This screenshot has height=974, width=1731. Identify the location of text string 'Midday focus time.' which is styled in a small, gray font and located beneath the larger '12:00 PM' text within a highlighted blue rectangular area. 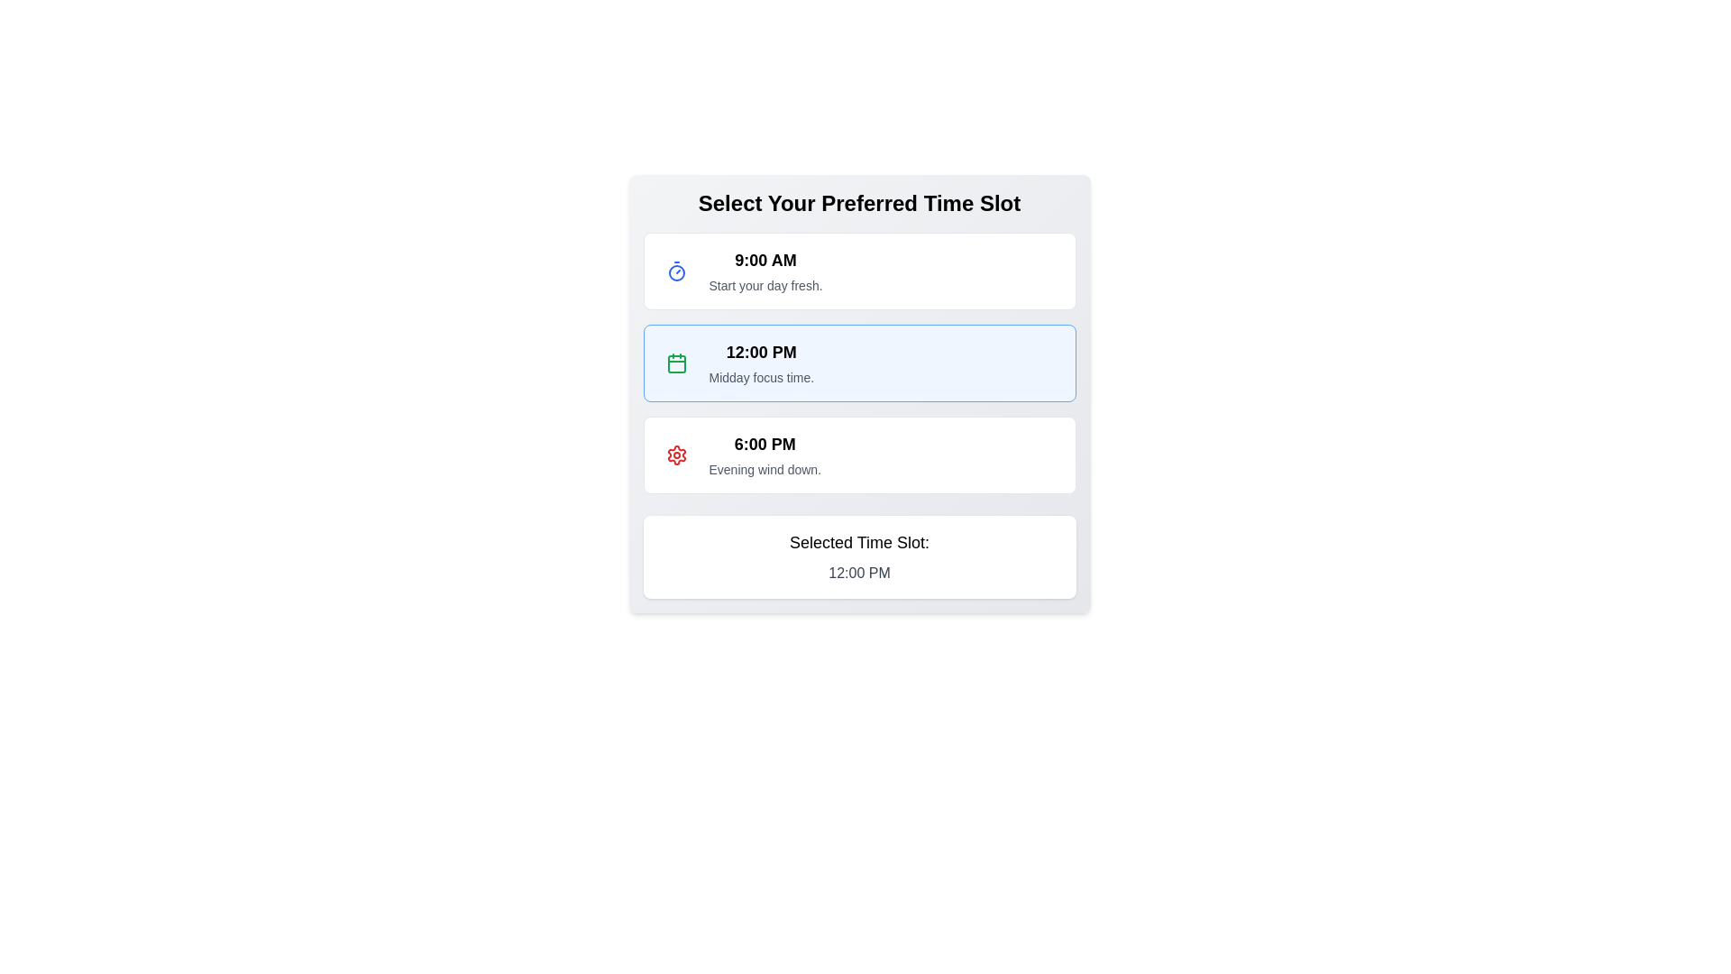
(761, 377).